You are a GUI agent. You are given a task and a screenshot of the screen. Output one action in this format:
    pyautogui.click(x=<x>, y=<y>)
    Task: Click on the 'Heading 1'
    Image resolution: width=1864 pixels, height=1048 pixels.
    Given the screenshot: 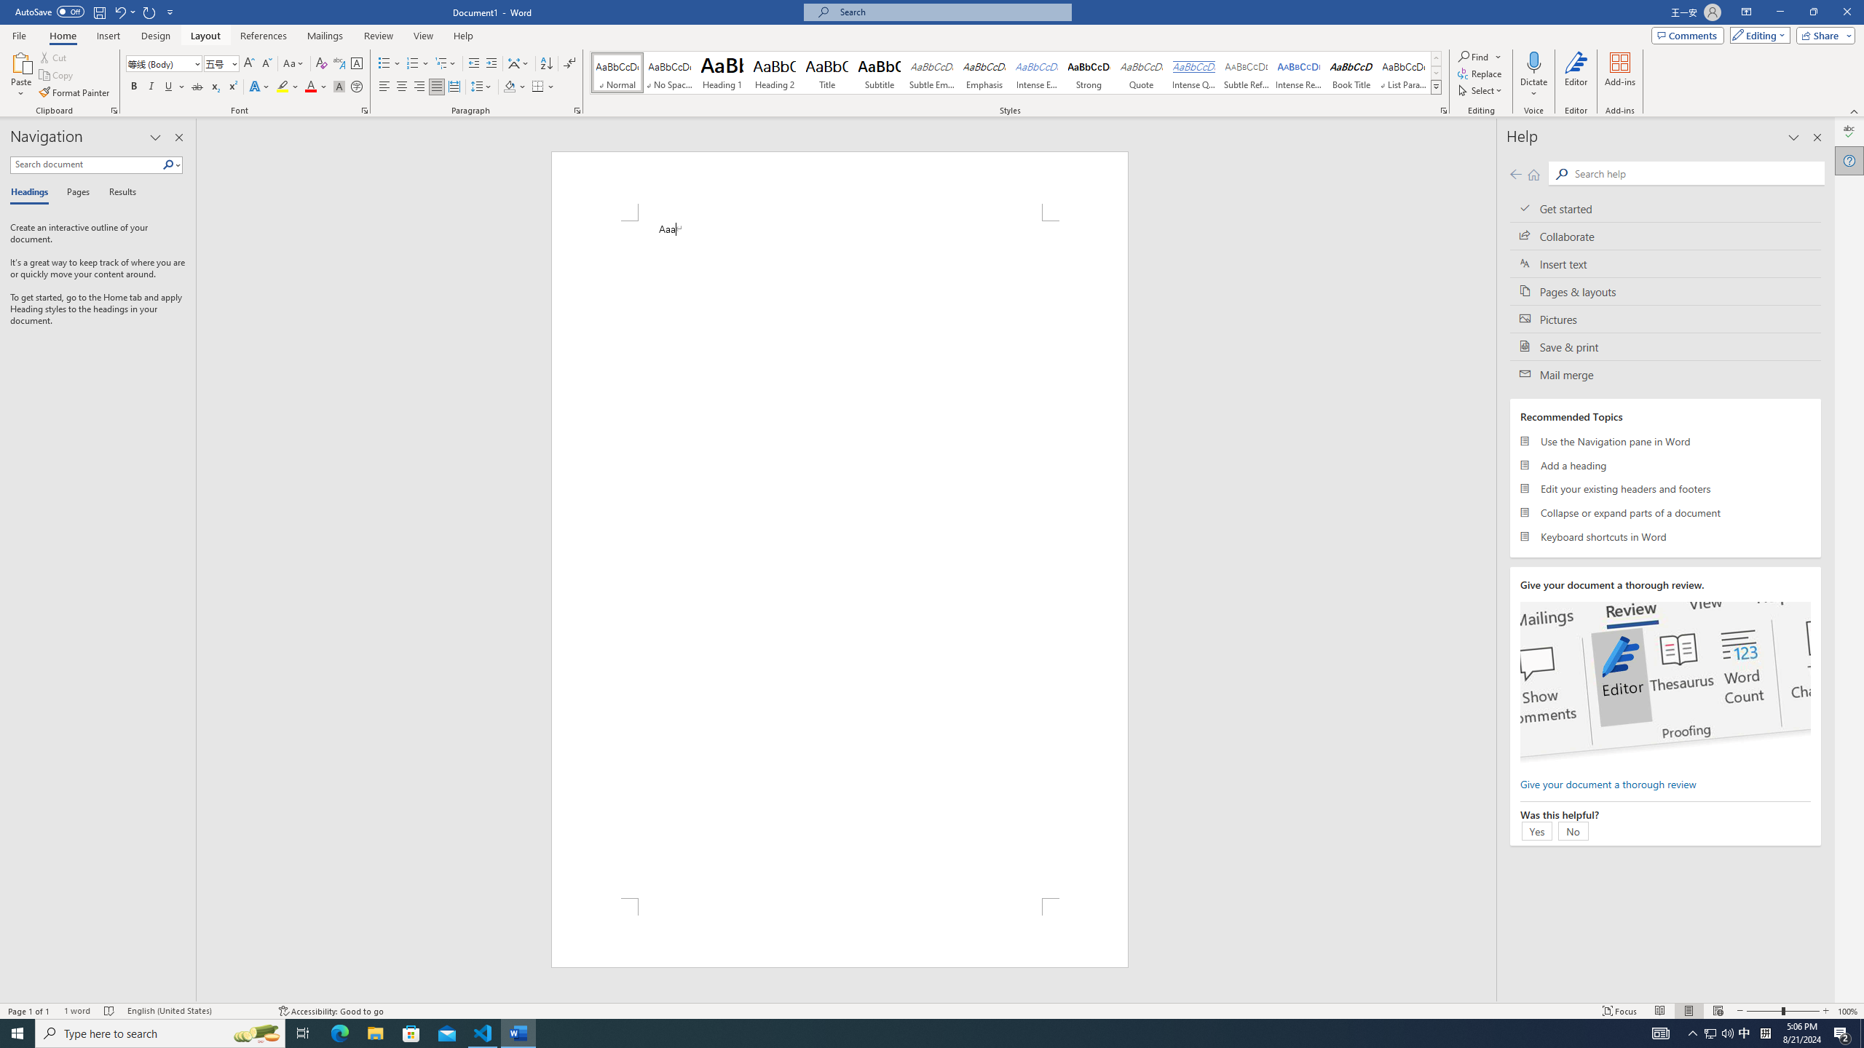 What is the action you would take?
    pyautogui.click(x=722, y=72)
    